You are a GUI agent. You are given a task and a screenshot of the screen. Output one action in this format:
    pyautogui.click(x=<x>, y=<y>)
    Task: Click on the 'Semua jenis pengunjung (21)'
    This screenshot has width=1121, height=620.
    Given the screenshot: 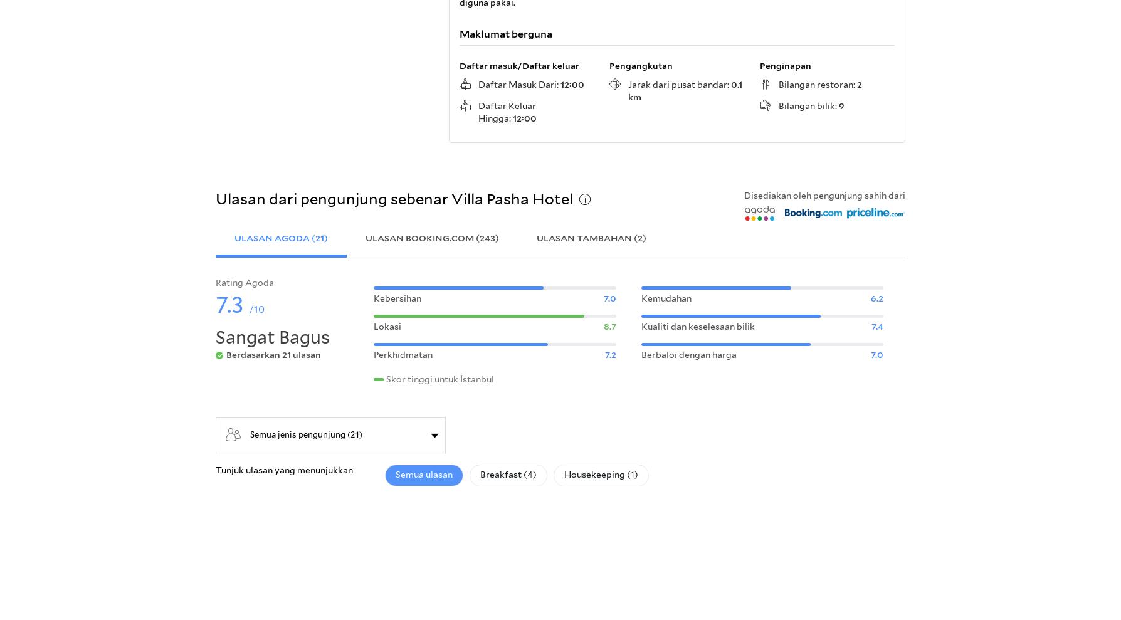 What is the action you would take?
    pyautogui.click(x=306, y=433)
    